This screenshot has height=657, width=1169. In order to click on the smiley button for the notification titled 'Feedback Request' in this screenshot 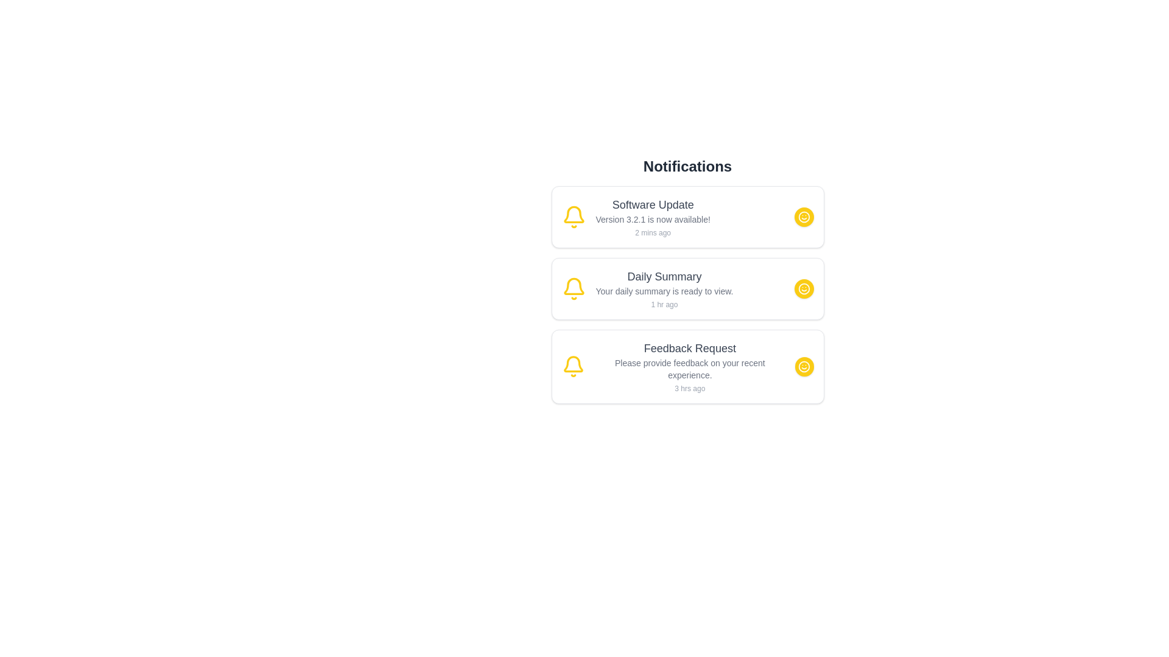, I will do `click(804, 366)`.